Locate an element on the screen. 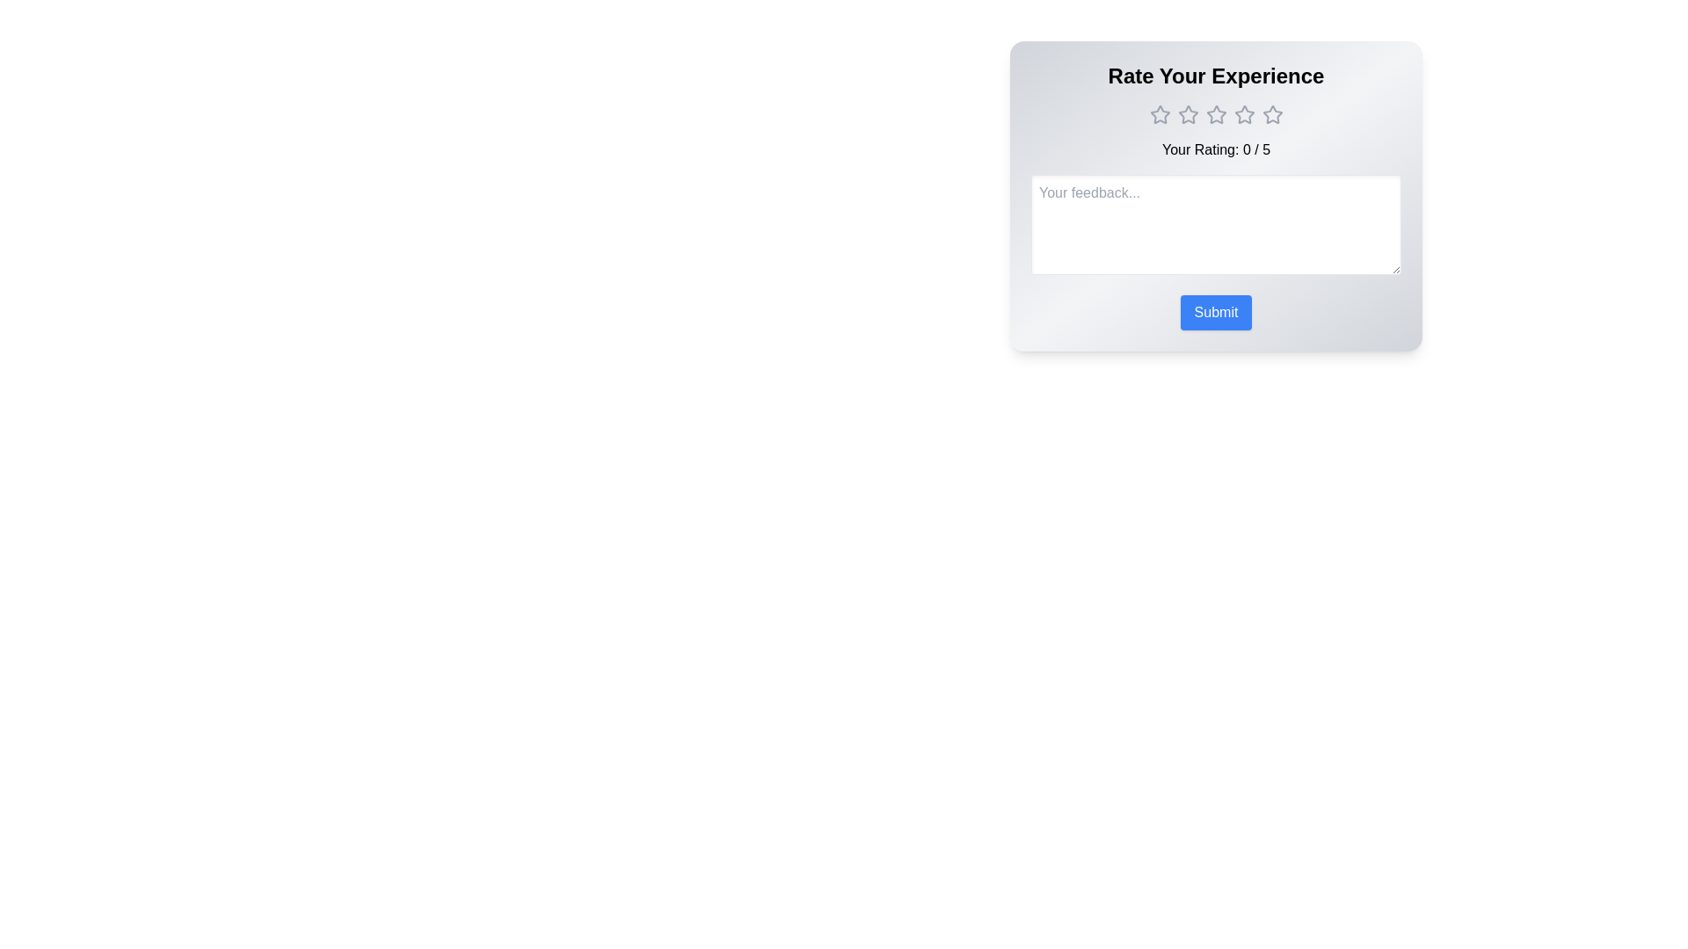 The width and height of the screenshot is (1688, 949). the rating to 1 stars by clicking on the corresponding star is located at coordinates (1160, 115).